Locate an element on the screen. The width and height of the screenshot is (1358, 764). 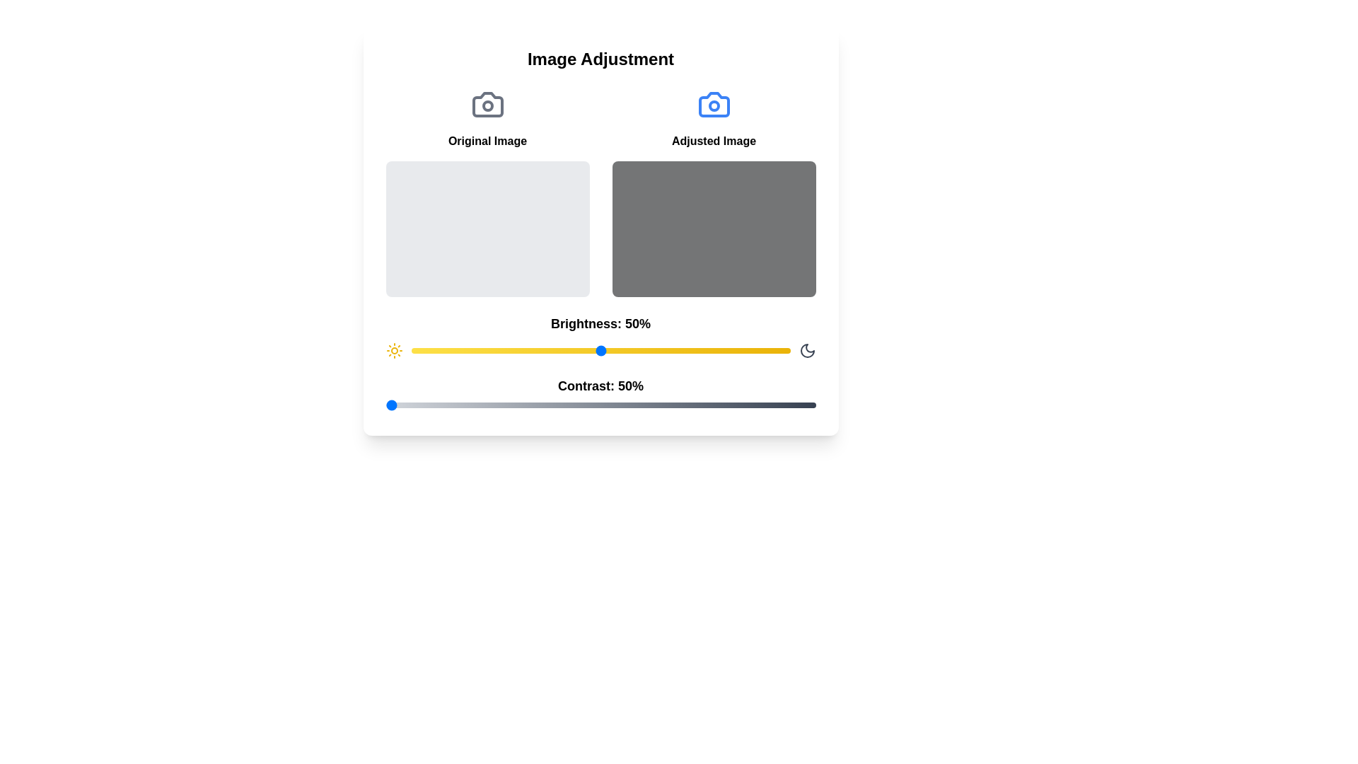
the slider value is located at coordinates (448, 350).